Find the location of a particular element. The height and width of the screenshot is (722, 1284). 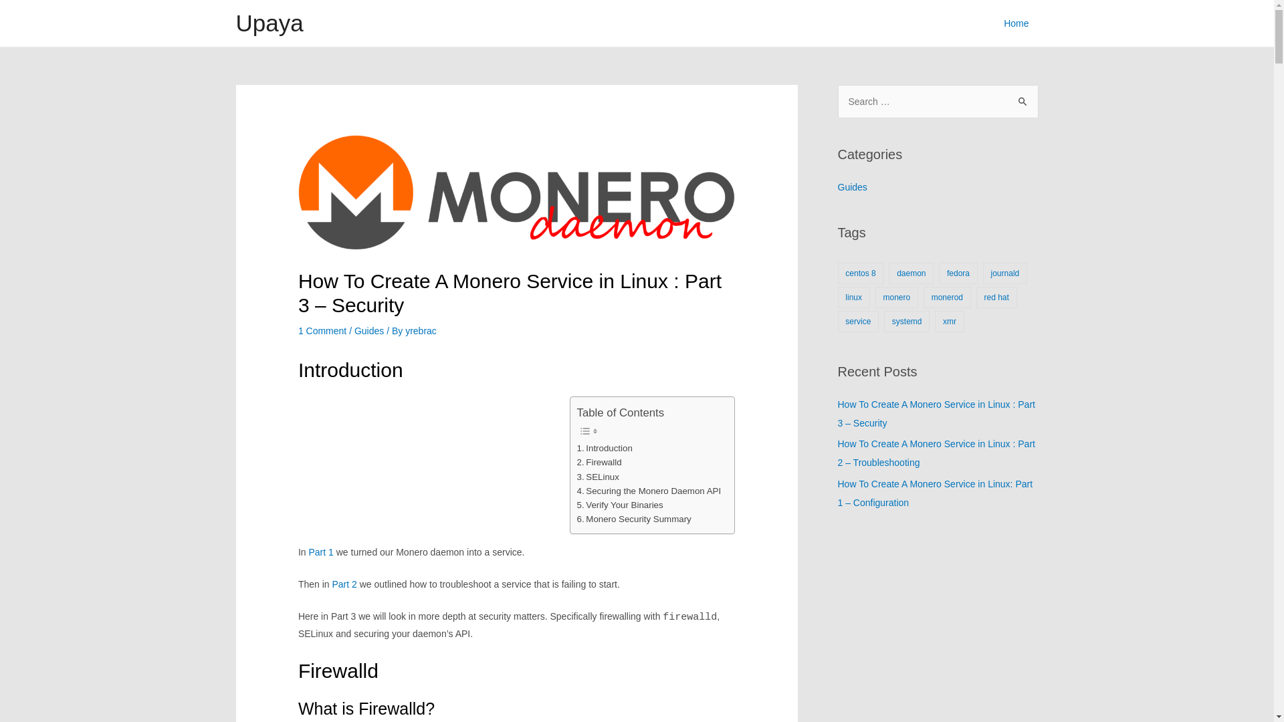

'daemon' is located at coordinates (910, 272).